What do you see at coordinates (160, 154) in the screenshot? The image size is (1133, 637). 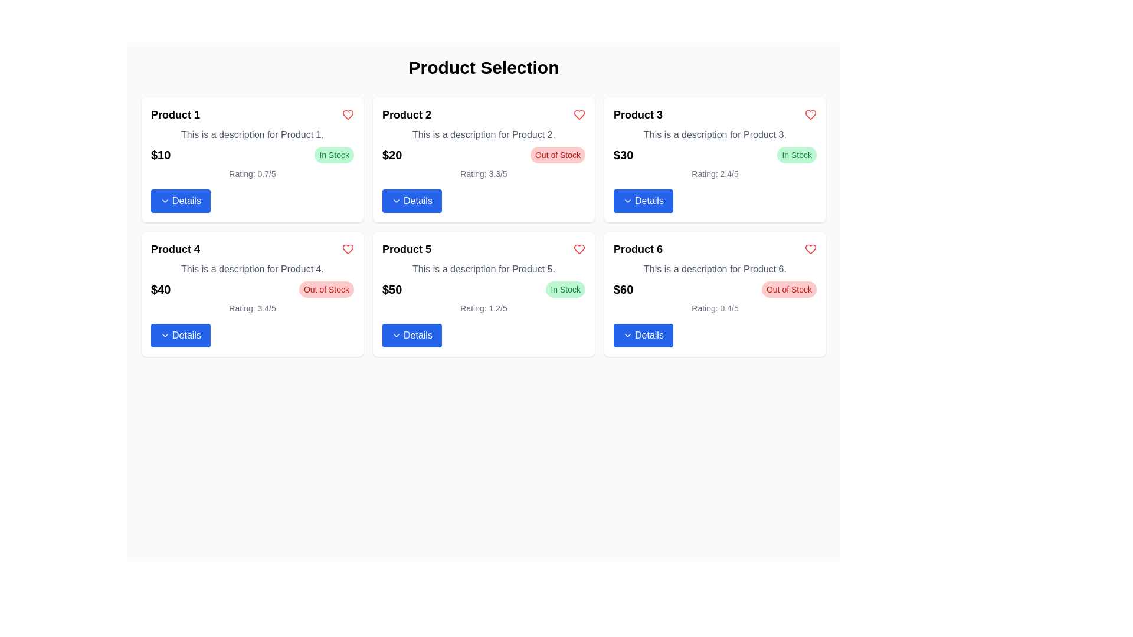 I see `the price indicator text label for 'Product 1', which is located near the top left of the product card, to the left of the 'In Stock' label and above the 'Details' button` at bounding box center [160, 154].